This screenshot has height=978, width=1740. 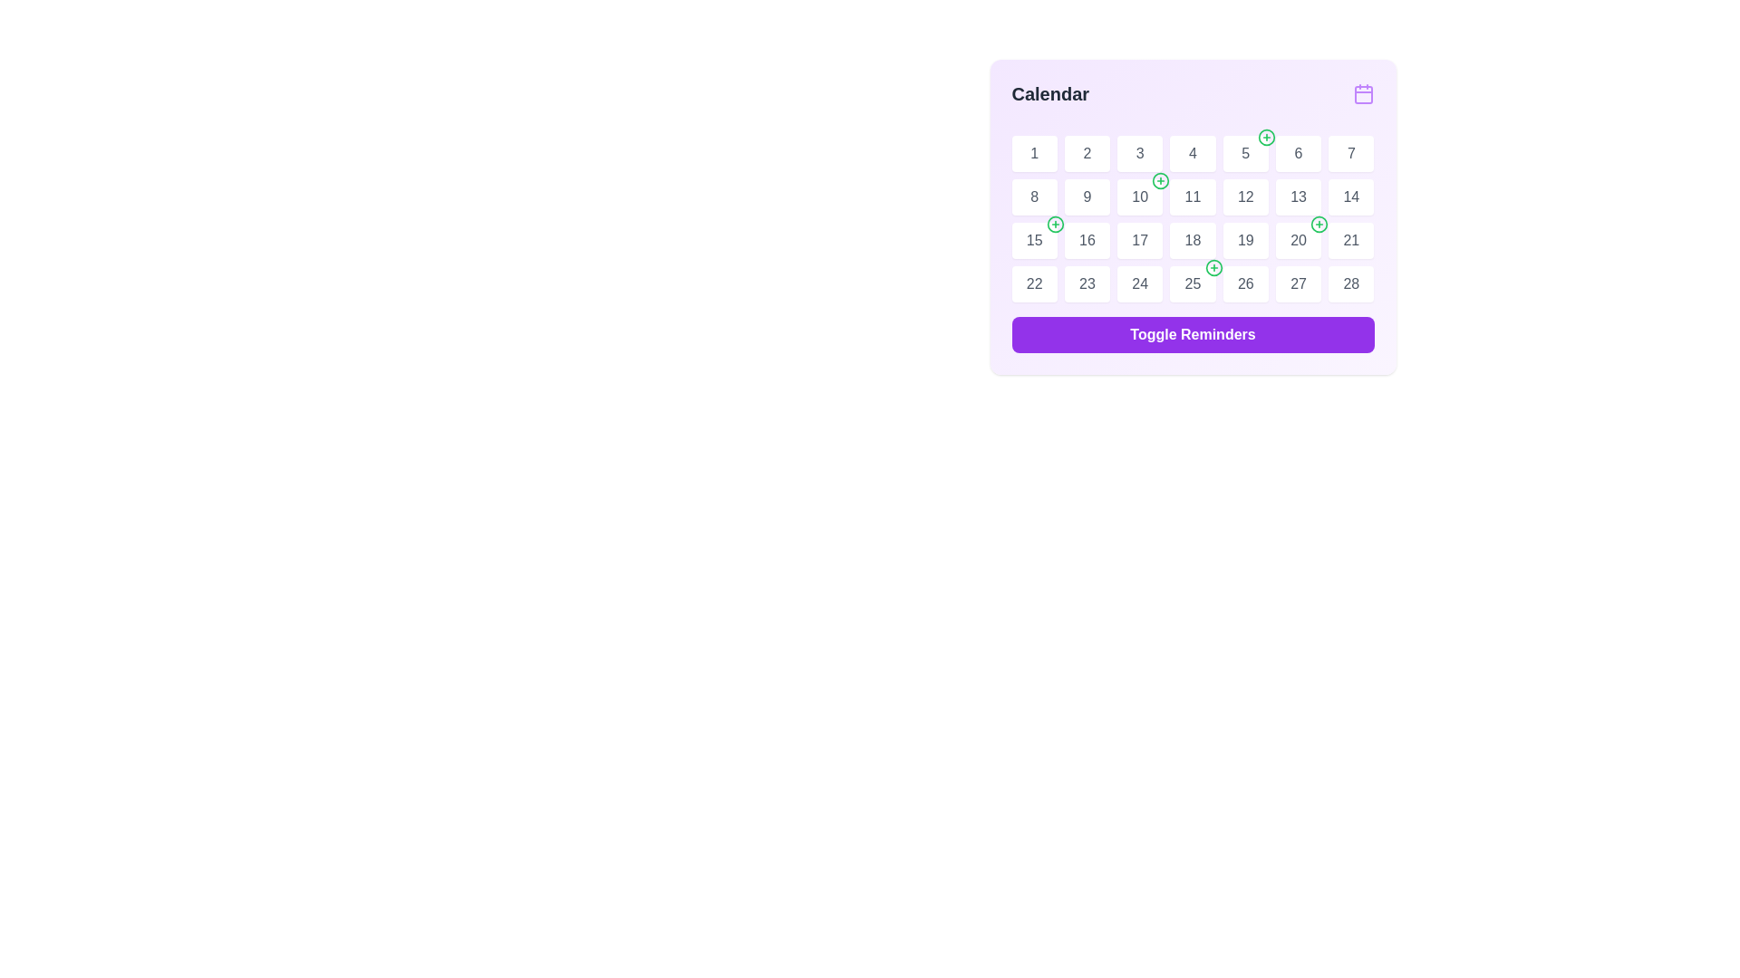 I want to click on the static text display representing the day '16' in the calendar grid located in the 3rd row and 2nd column, so click(x=1087, y=240).